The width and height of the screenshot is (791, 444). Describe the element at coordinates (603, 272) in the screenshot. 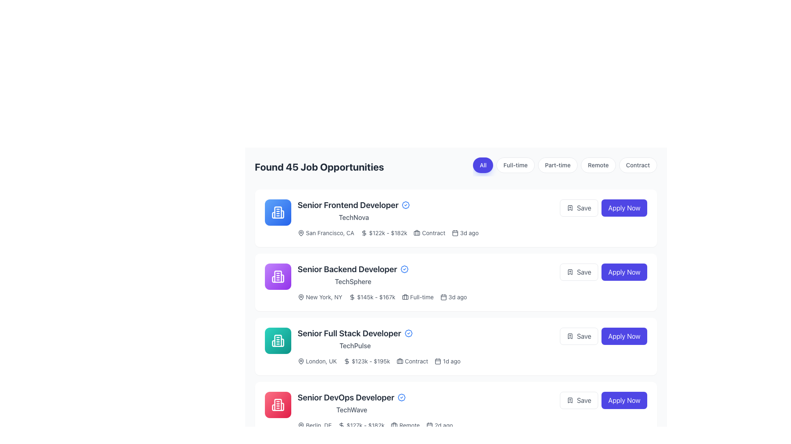

I see `the 'Apply Now' button with a purple background and white text, located in the job listing panel for the 'Senior Backend Developer' position by 'TechSphere'` at that location.